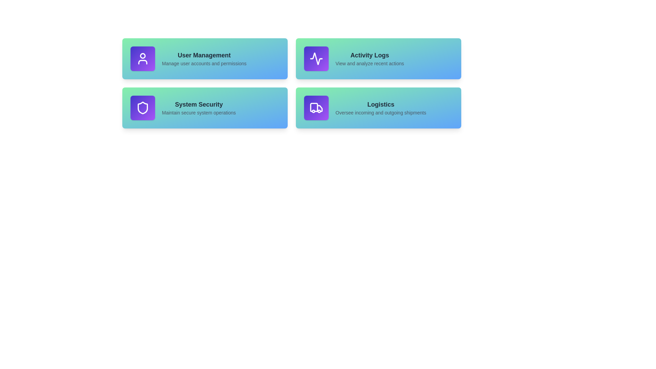 The height and width of the screenshot is (369, 656). I want to click on the Logistics section to explore its functionality, so click(378, 108).